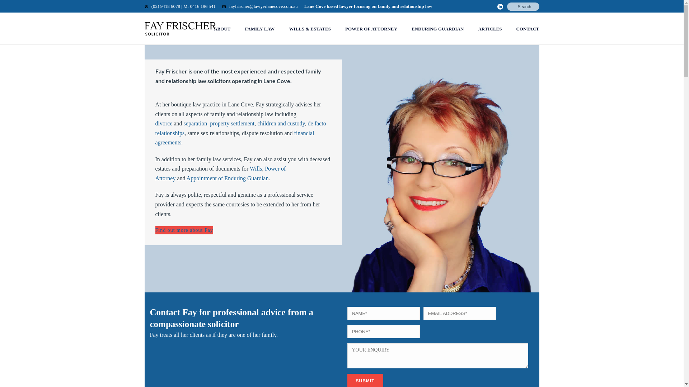 The height and width of the screenshot is (387, 689). I want to click on 'POWER OF ATTORNEY', so click(371, 29).